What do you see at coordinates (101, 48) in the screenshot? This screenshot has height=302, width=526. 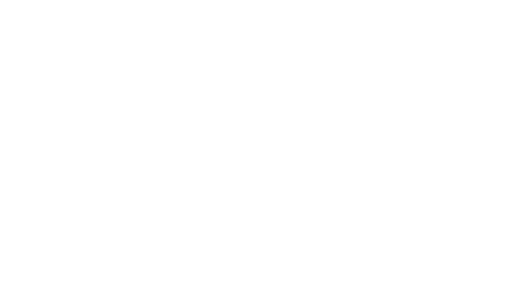 I see `'Case study'` at bounding box center [101, 48].